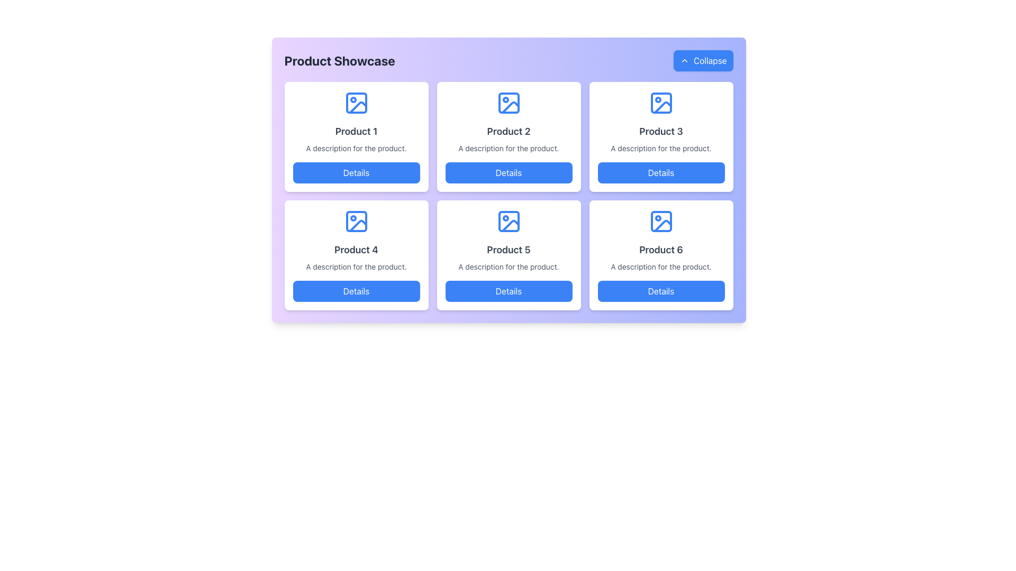 The image size is (1016, 571). I want to click on the decorative curved line graphic within the SVG image element in the second product card from the left in the top row of the product grid, so click(510, 107).